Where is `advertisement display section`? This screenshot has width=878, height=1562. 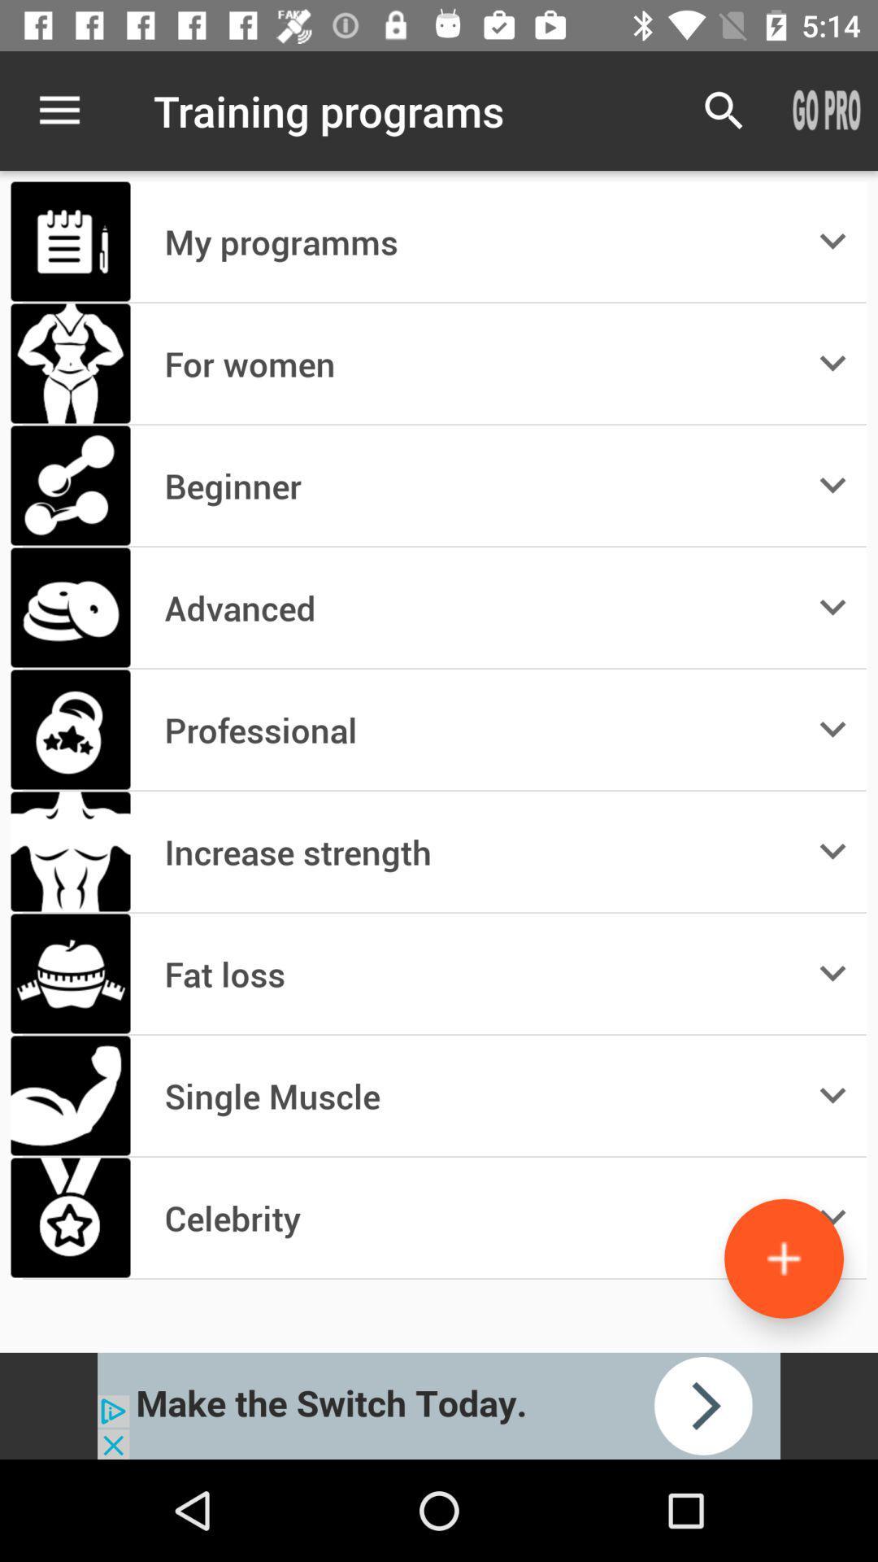 advertisement display section is located at coordinates (439, 1405).